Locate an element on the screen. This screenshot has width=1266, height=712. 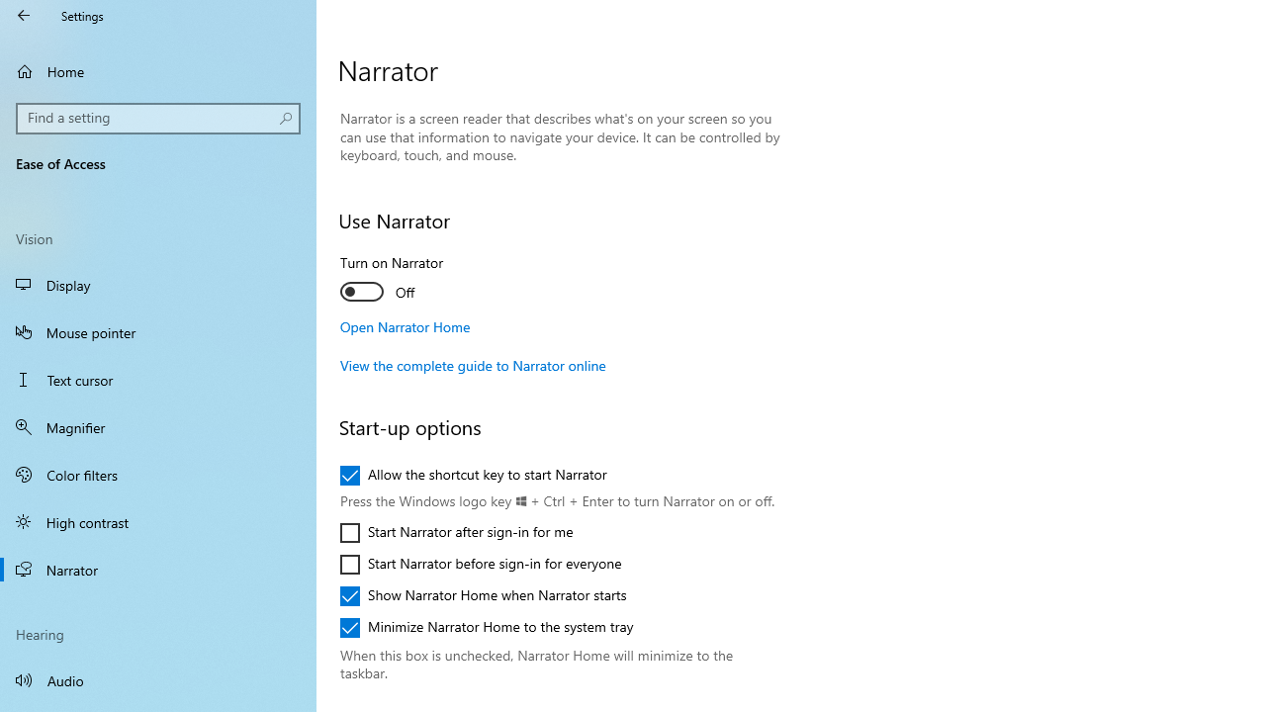
'Minimize Narrator Home to the system tray' is located at coordinates (487, 628).